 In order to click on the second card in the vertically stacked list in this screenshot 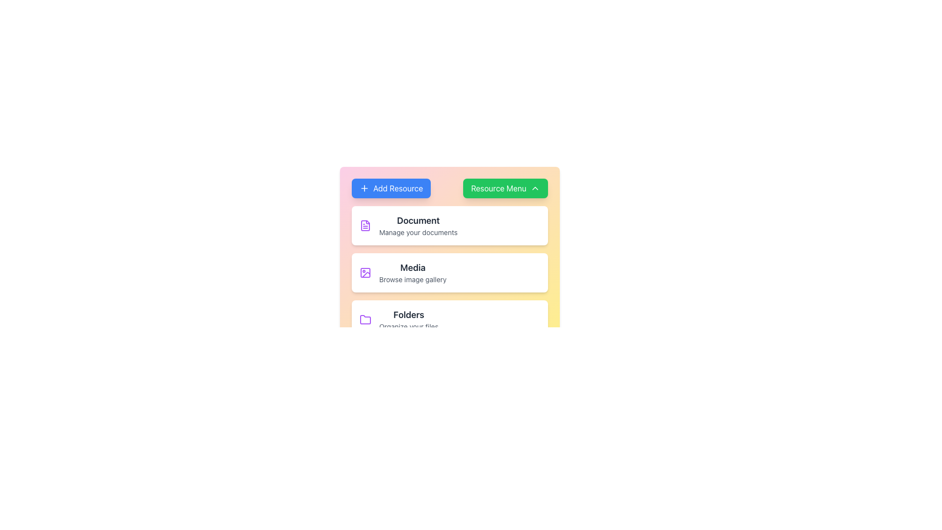, I will do `click(449, 272)`.